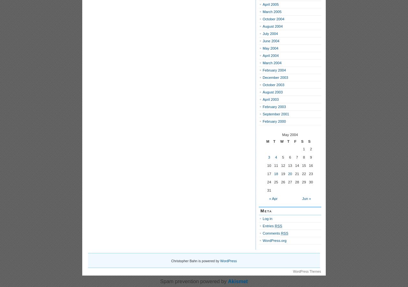 Image resolution: width=408 pixels, height=287 pixels. What do you see at coordinates (310, 182) in the screenshot?
I see `'30'` at bounding box center [310, 182].